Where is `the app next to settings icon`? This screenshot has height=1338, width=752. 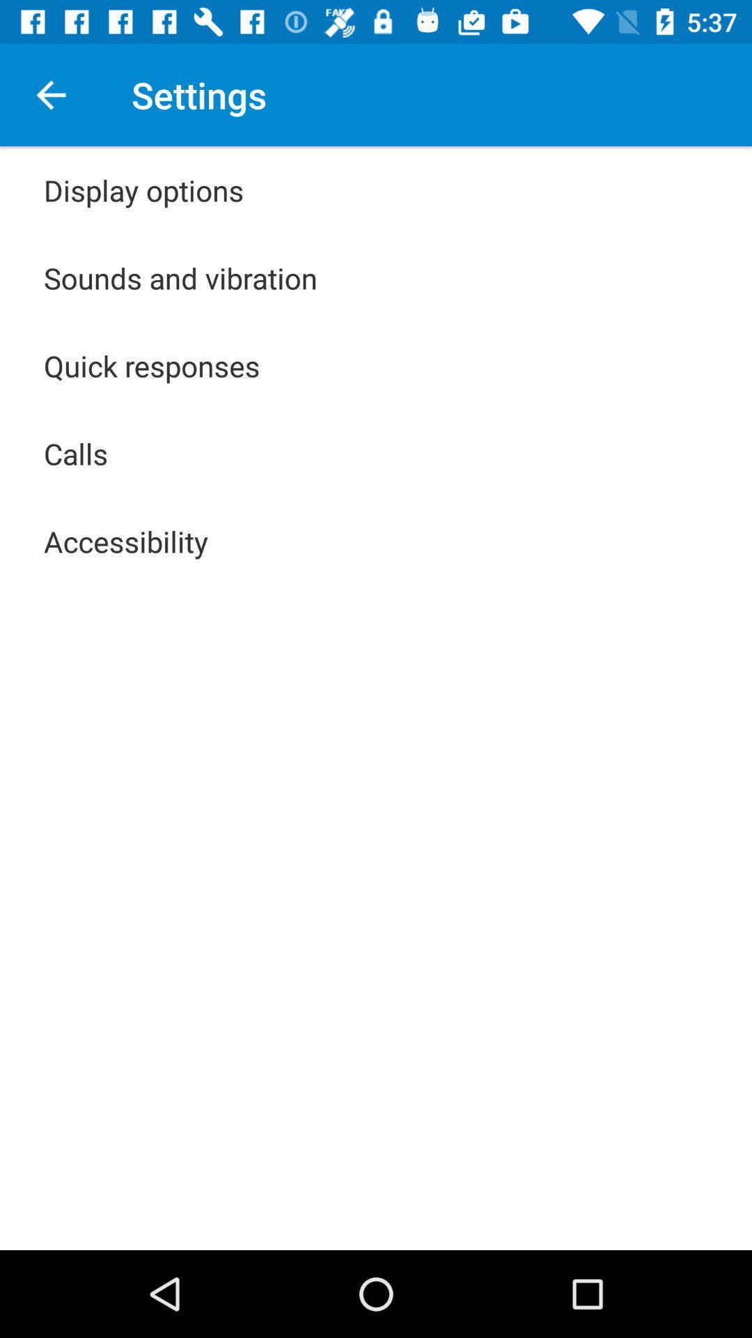
the app next to settings icon is located at coordinates (50, 94).